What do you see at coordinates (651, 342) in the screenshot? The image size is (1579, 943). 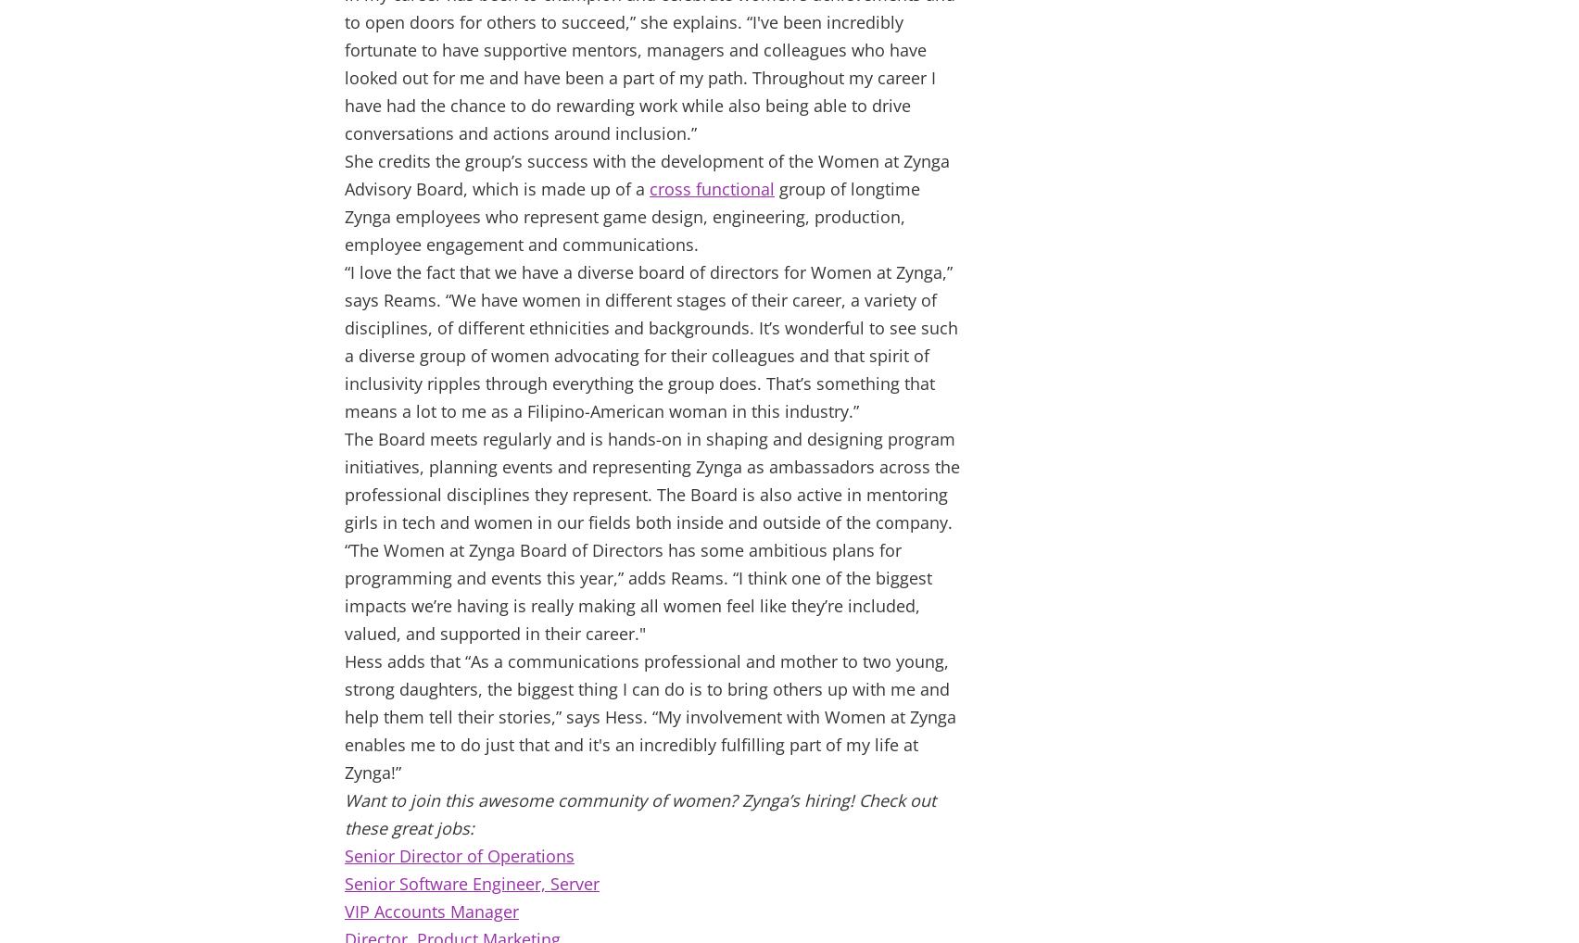 I see `'“I love the fact that we have a diverse board of directors for Women at Zynga,” says Reams. “We have women in different stages of their career, a variety of disciplines, of different ethnicities and backgrounds. It’s wonderful to see such a diverse group of women advocating for their colleagues and that spirit of inclusivity ripples through everything the group does. That’s something that means a lot to me as a Filipino-American woman in this industry.”'` at bounding box center [651, 342].